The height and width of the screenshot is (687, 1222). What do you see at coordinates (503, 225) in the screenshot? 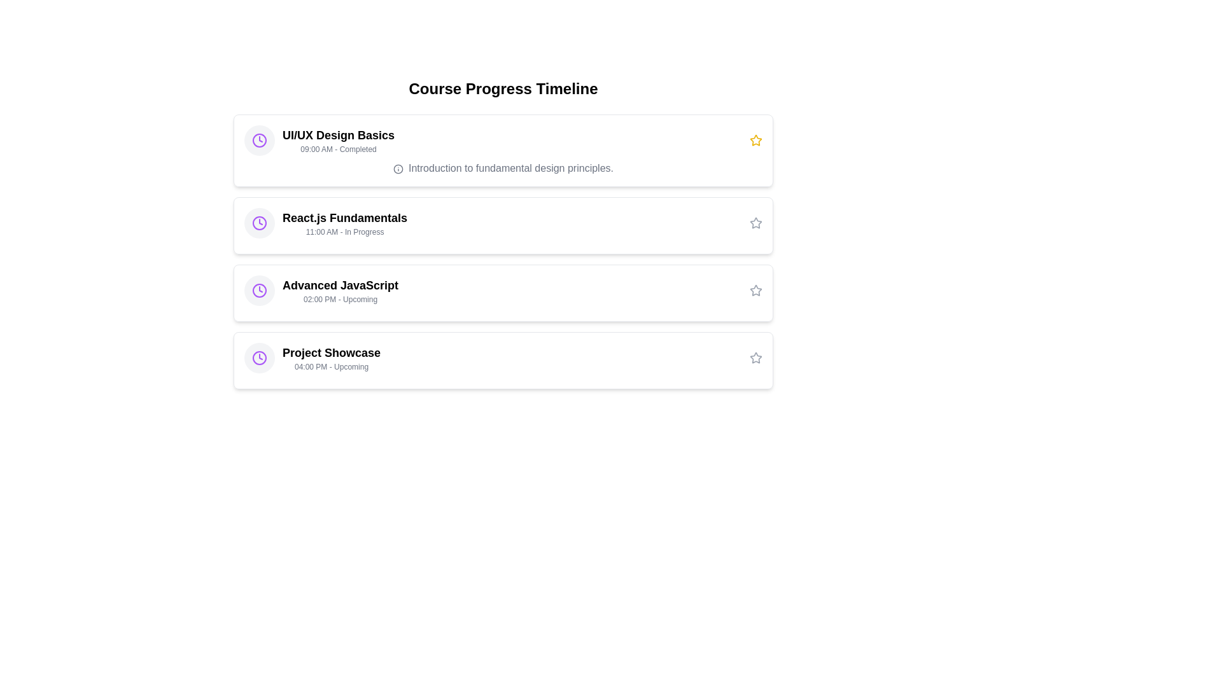
I see `the 'React.js Fundamentals' card, which is the second card in a vertically stacked list, featuring a white background, rounded corners, and displaying the title and description` at bounding box center [503, 225].